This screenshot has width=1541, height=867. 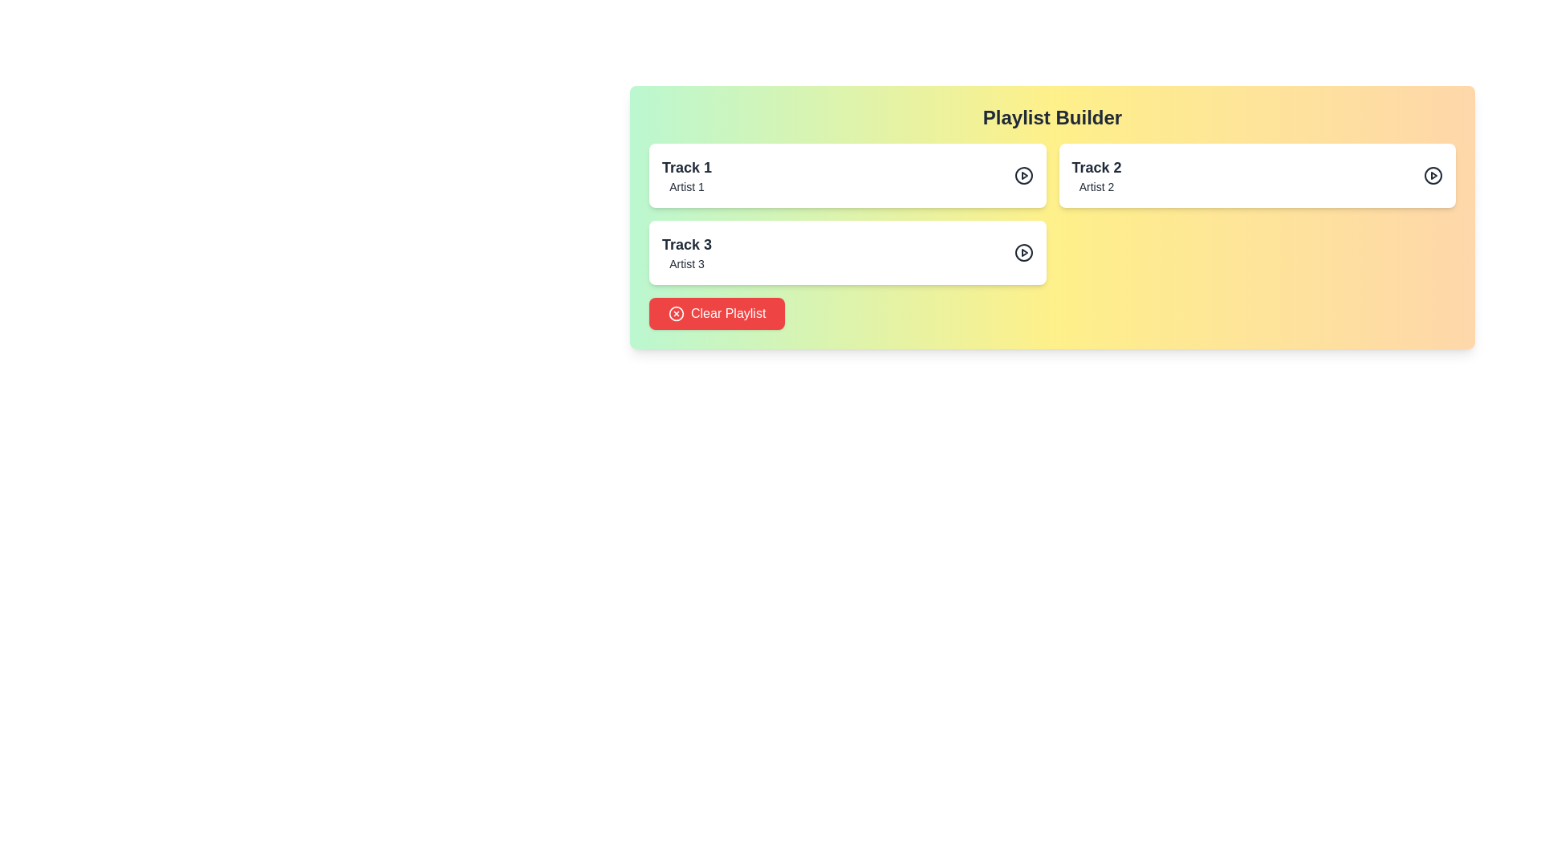 What do you see at coordinates (716, 313) in the screenshot?
I see `'Clear Playlist' button to clear all tracks` at bounding box center [716, 313].